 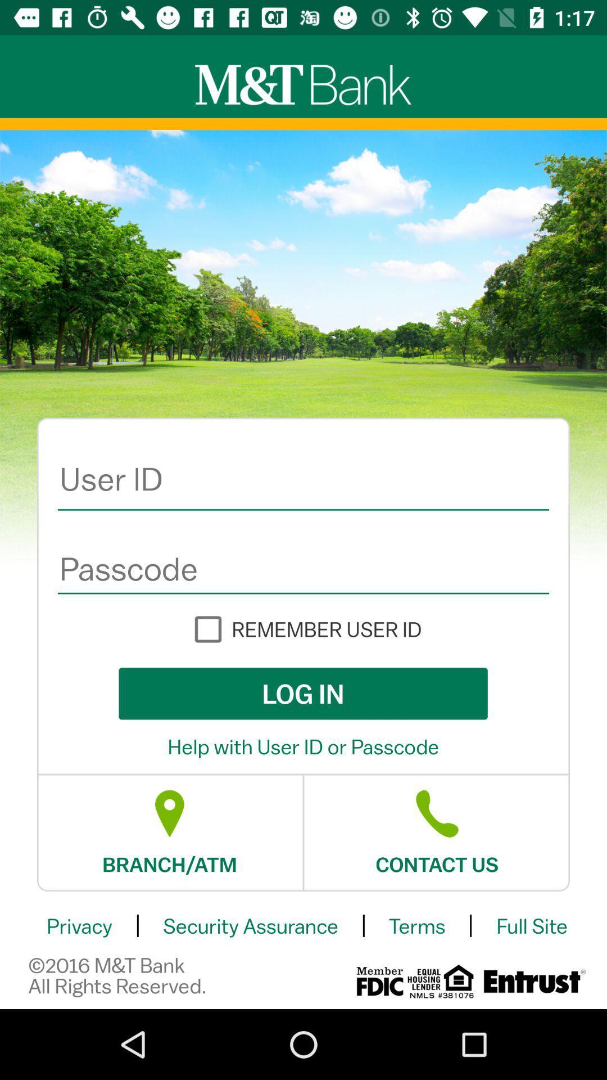 What do you see at coordinates (417, 926) in the screenshot?
I see `icon below the contact us` at bounding box center [417, 926].